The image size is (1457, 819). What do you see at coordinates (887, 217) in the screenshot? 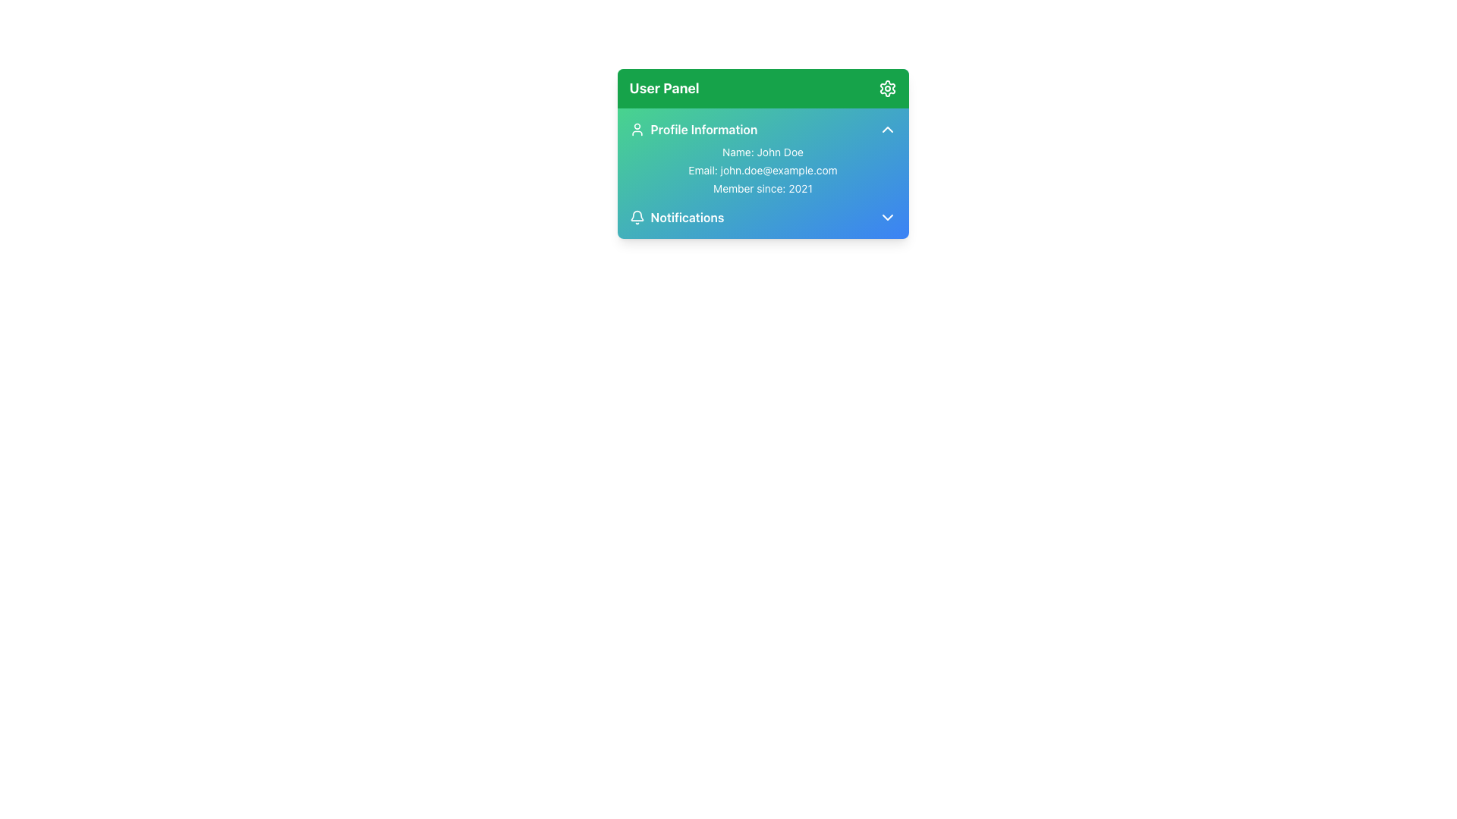
I see `the downward-pointing chevron-shaped SVG icon located to the right of the 'Notifications' title in the user panel` at bounding box center [887, 217].